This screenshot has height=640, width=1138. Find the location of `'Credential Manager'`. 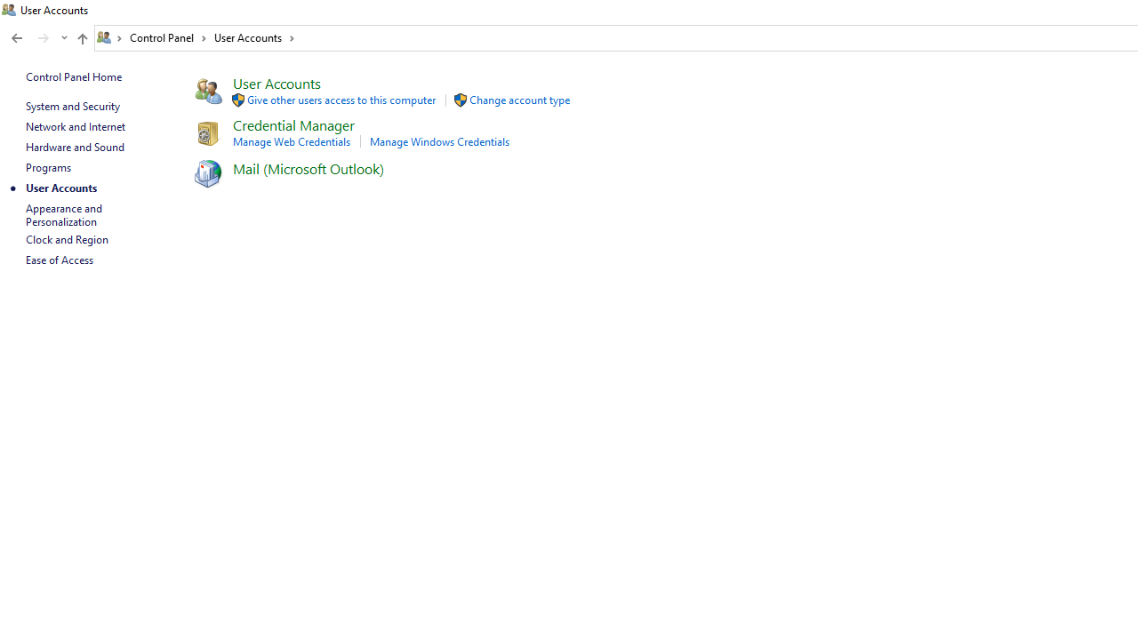

'Credential Manager' is located at coordinates (293, 124).